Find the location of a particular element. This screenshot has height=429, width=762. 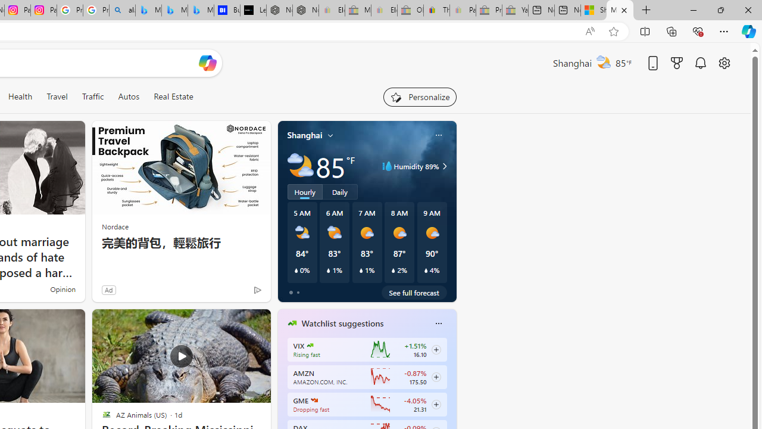

'tab-1' is located at coordinates (298, 293).